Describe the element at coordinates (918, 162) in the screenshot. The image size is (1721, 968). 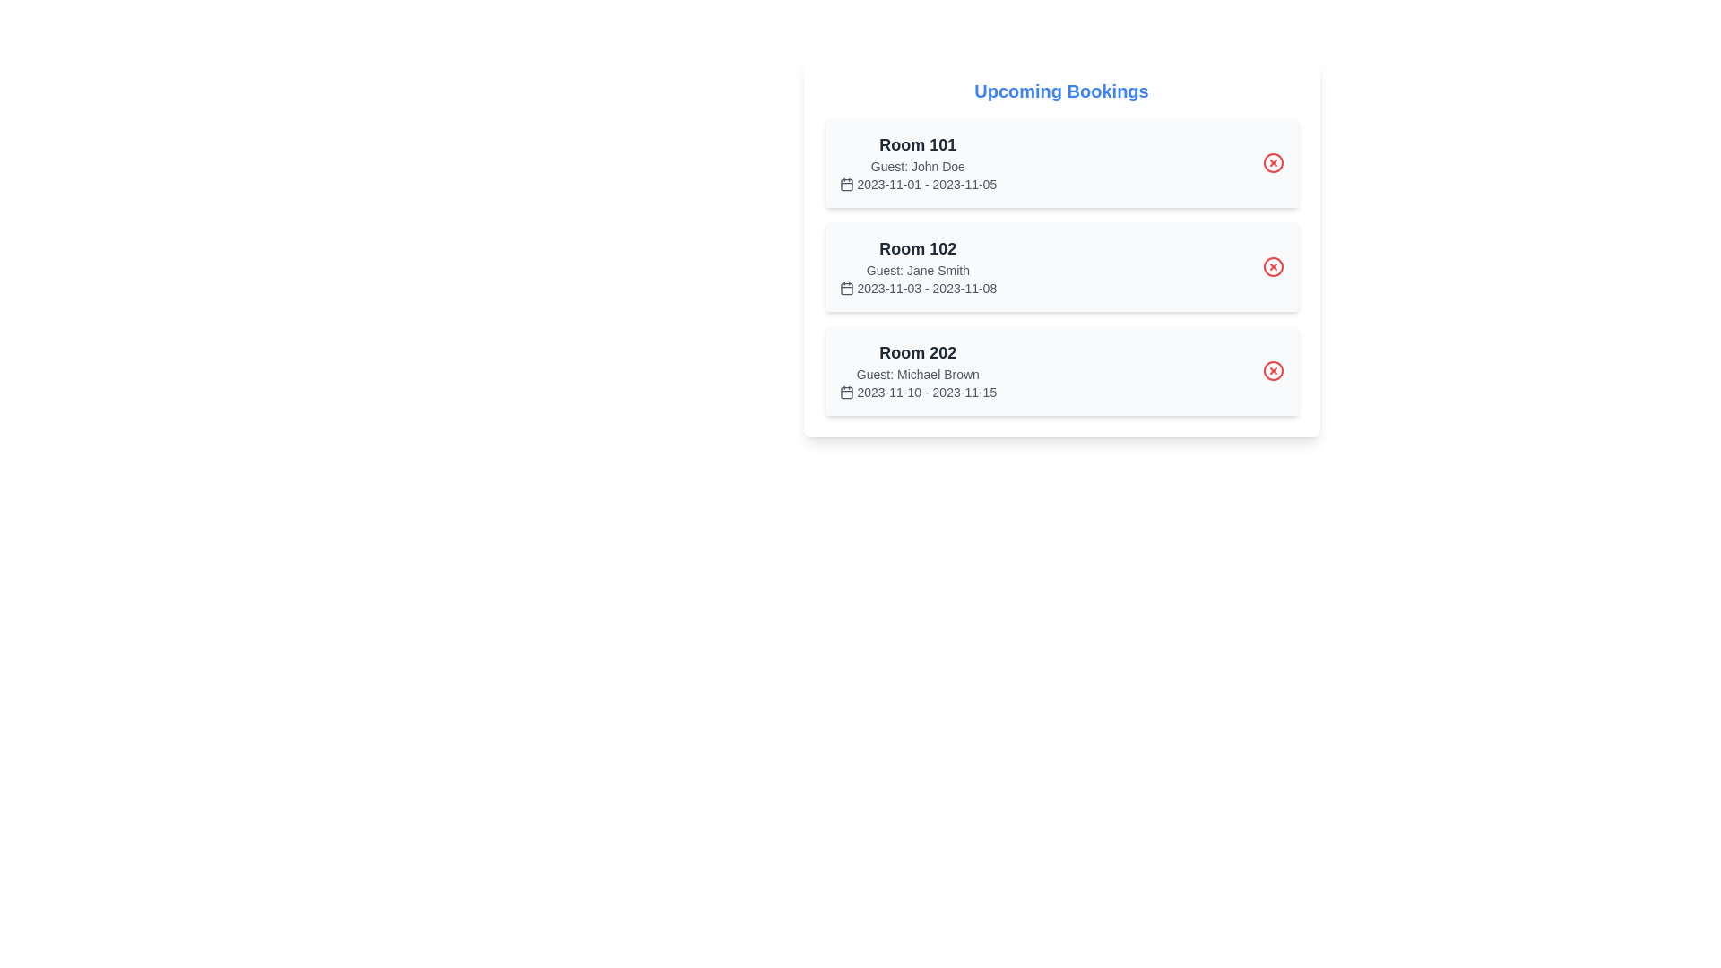
I see `the text entry element displaying 'Room 101', which includes descriptive information such as 'Guest: John Doe' and dates '2023-11-01 - 2023-11-05', located in the topmost card of the booking items list` at that location.